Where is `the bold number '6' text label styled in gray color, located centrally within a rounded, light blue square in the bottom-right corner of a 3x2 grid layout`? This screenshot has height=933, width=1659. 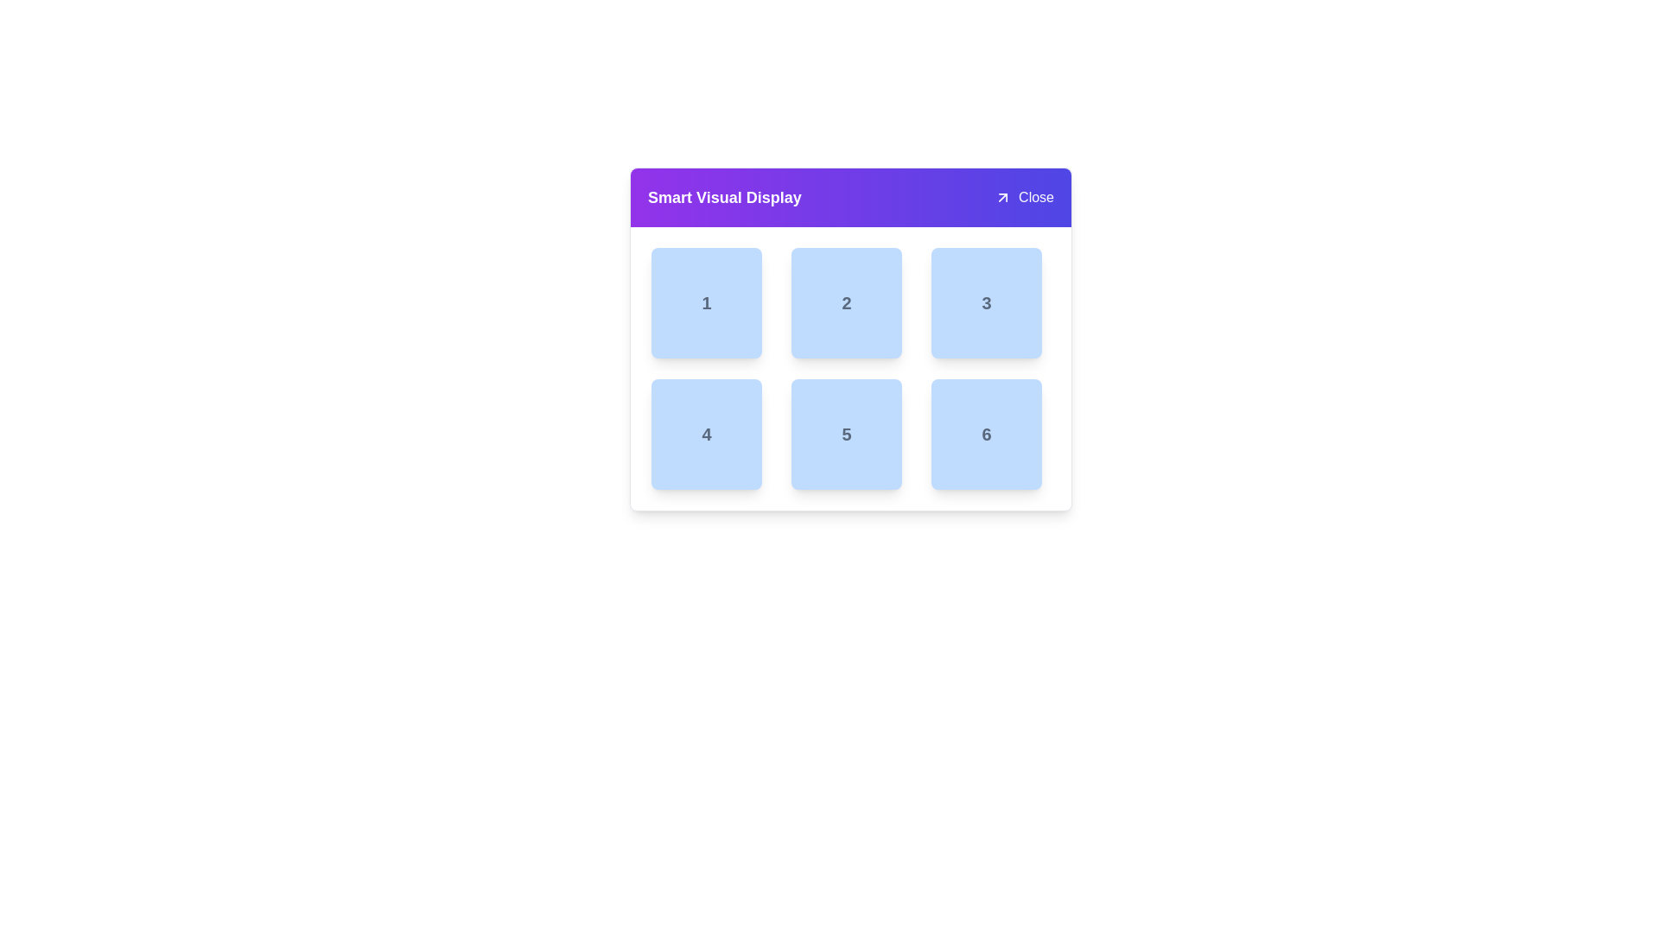
the bold number '6' text label styled in gray color, located centrally within a rounded, light blue square in the bottom-right corner of a 3x2 grid layout is located at coordinates (987, 433).